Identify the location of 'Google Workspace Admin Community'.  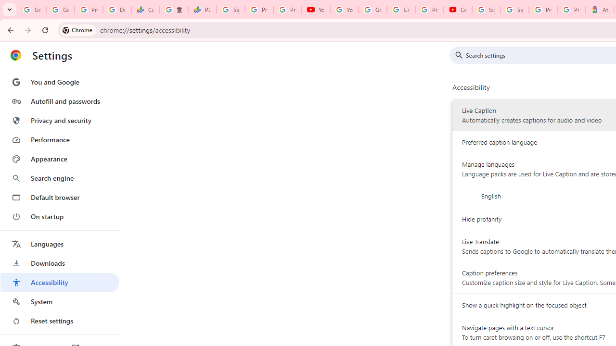
(32, 10).